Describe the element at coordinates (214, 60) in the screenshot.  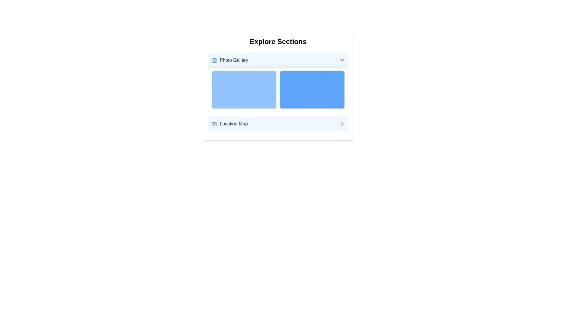
I see `the 'Photo Gallery' icon located to the left of the text 'Photo Gallery' within the blue-highlighted row under the 'Explore Sections' header` at that location.